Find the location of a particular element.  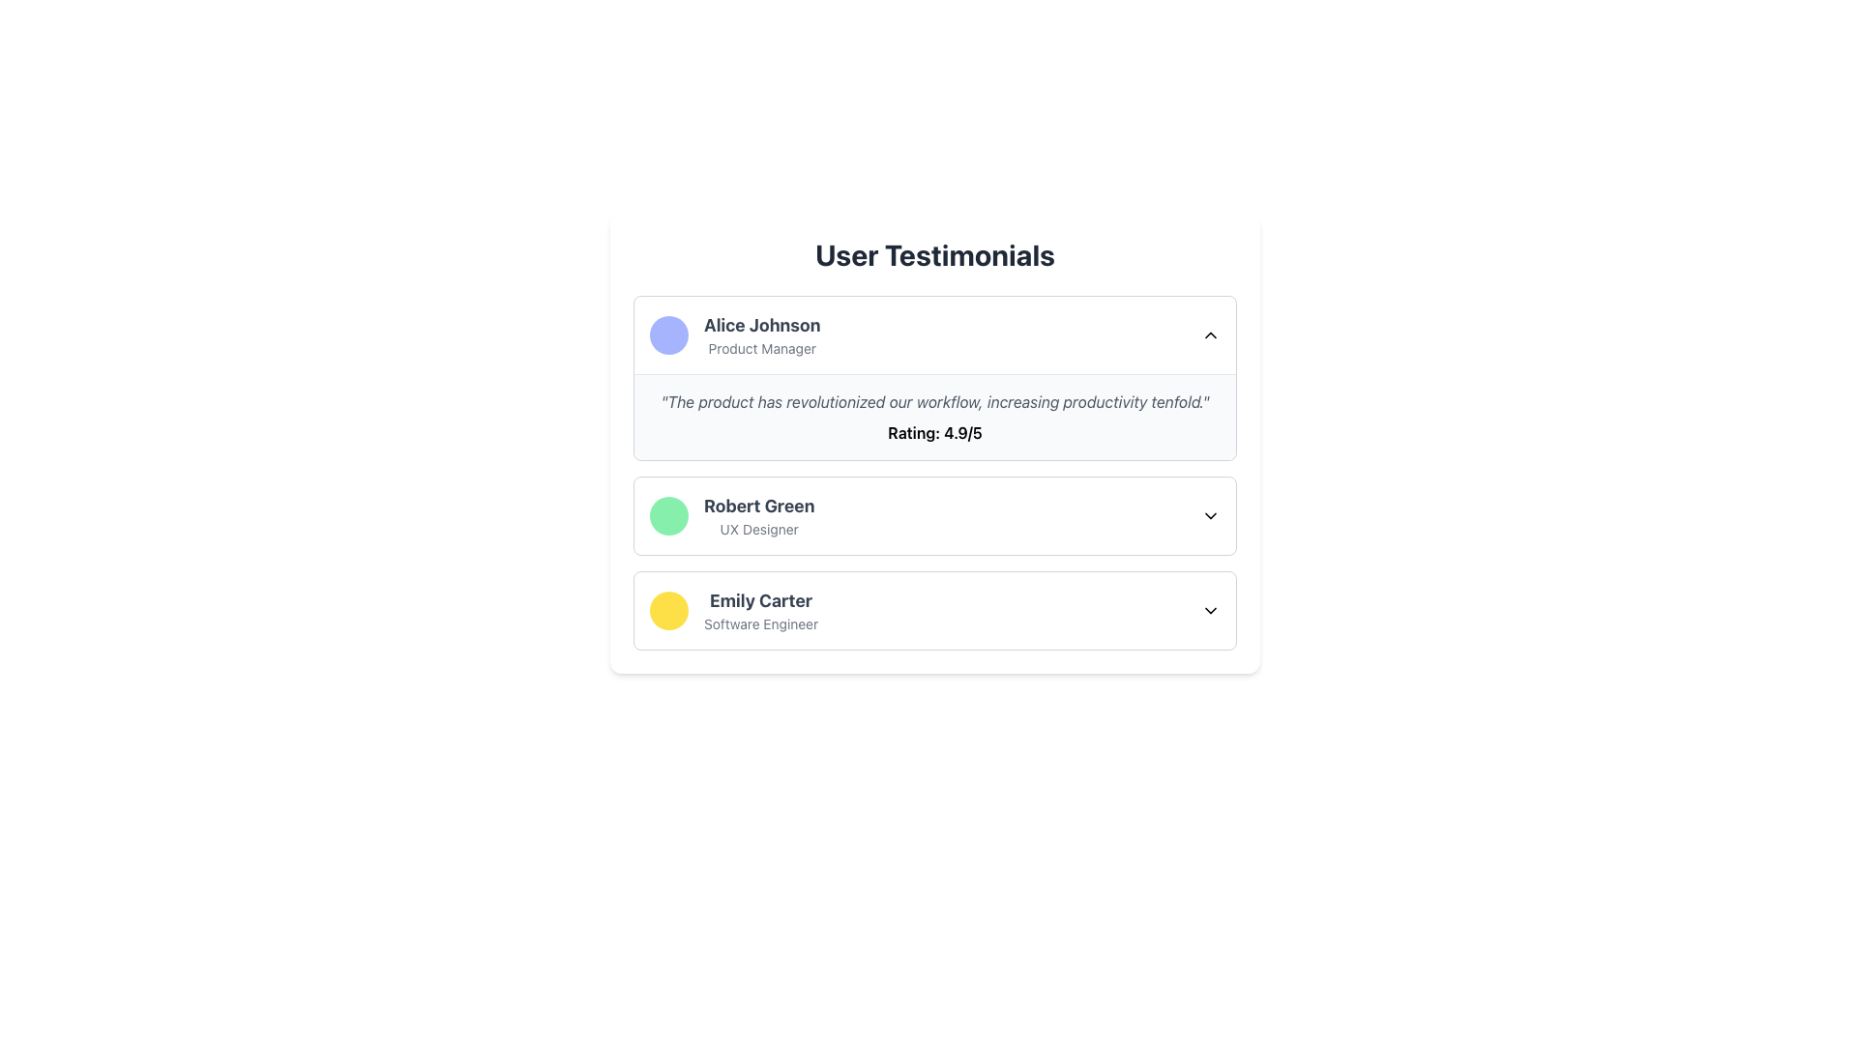

the text block displaying 'Robert Green' and 'UX Designer', located in the middle section of the testimonial list, adjacent to a circular green icon on the left is located at coordinates (758, 514).